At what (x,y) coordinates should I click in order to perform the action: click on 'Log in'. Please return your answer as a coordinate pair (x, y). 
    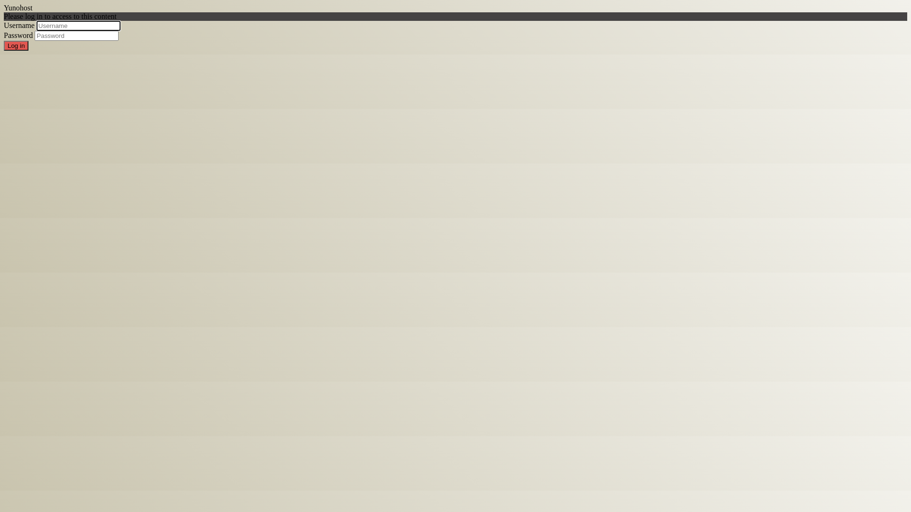
    Looking at the image, I should click on (16, 46).